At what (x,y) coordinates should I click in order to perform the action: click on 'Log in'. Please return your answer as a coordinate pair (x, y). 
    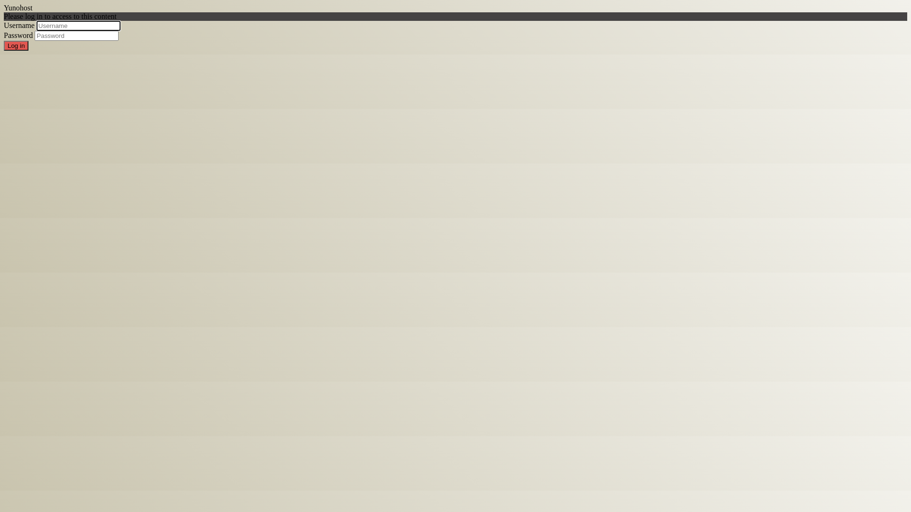
    Looking at the image, I should click on (16, 46).